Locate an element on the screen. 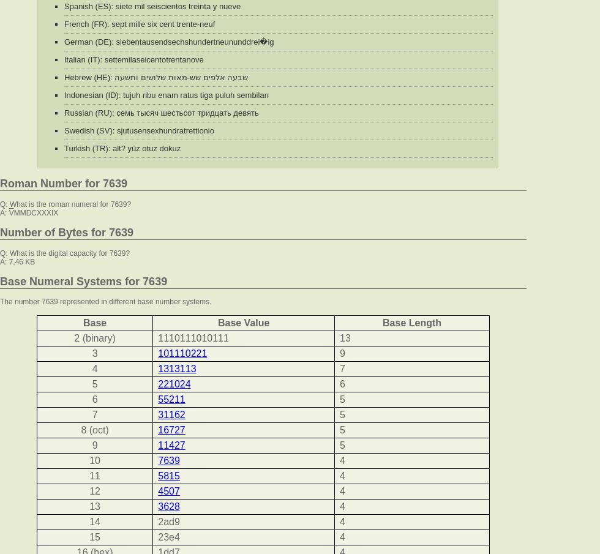 The image size is (600, 554). '10' is located at coordinates (95, 460).